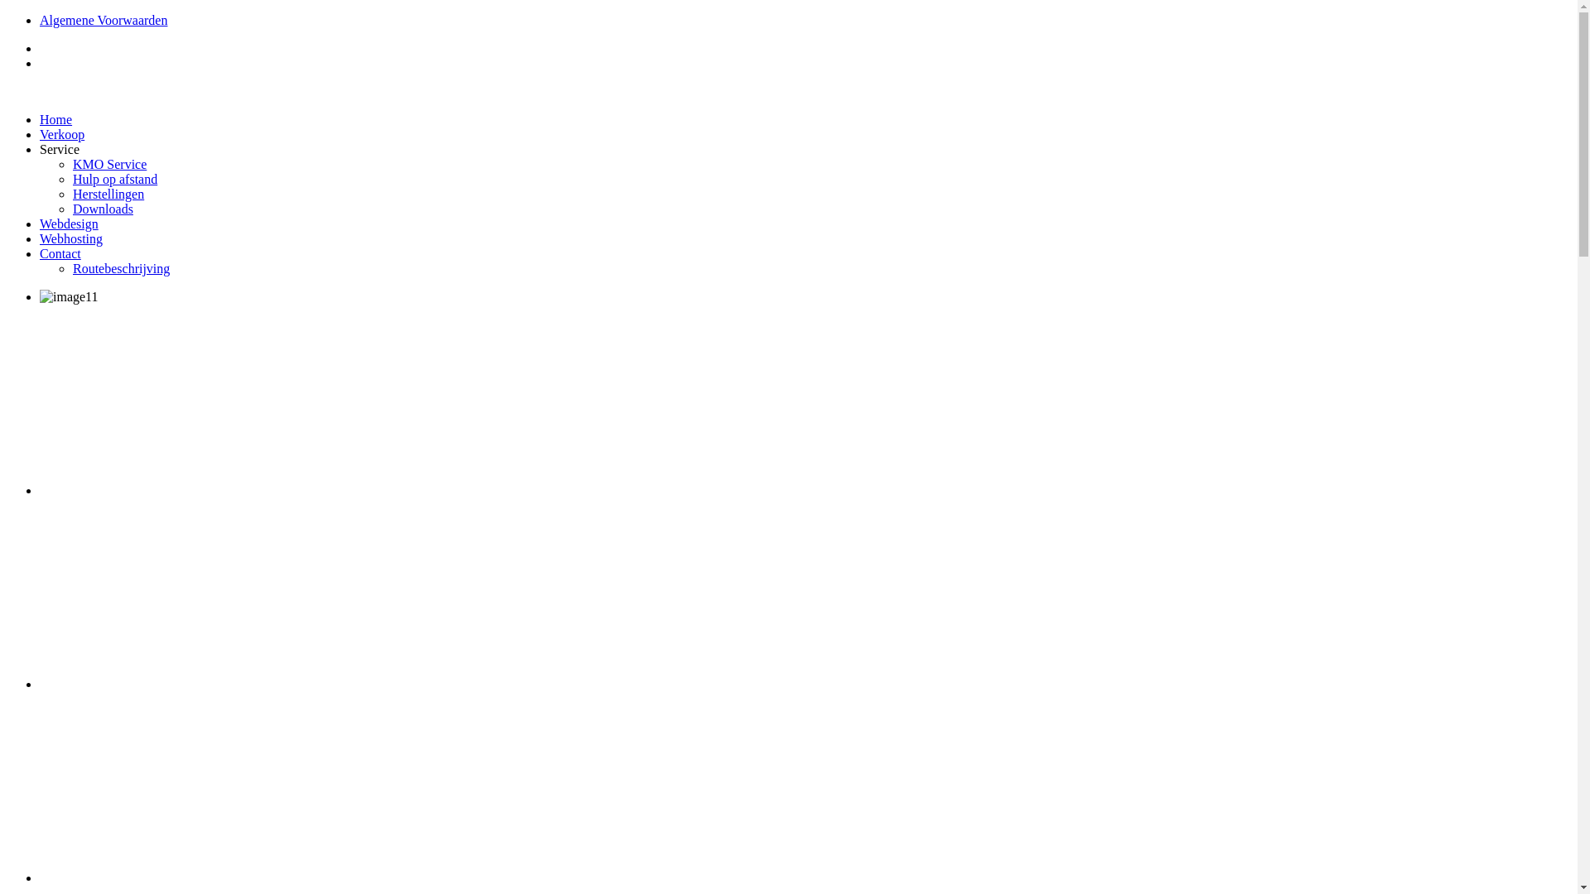 The width and height of the screenshot is (1590, 894). What do you see at coordinates (55, 118) in the screenshot?
I see `'Home'` at bounding box center [55, 118].